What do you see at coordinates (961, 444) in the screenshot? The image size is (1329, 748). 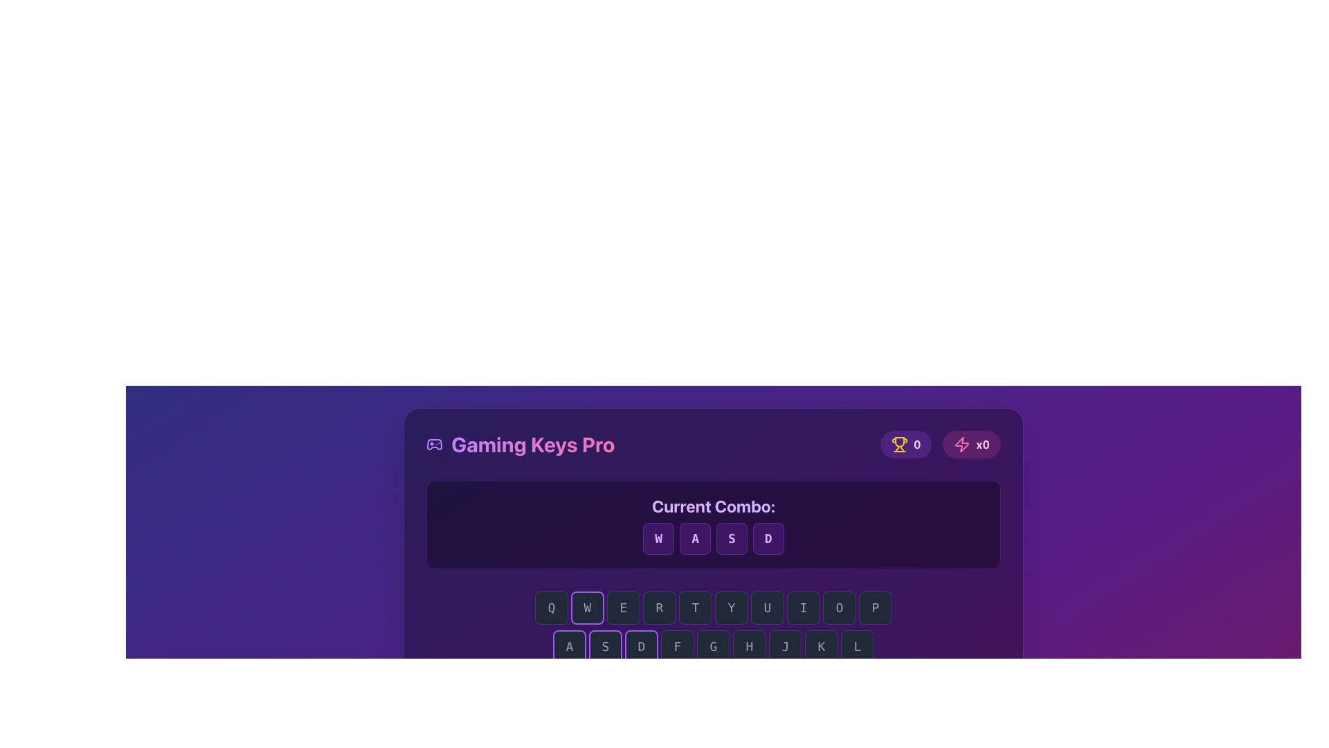 I see `the pink lightning bolt icon located in the top-right corner of the interface` at bounding box center [961, 444].